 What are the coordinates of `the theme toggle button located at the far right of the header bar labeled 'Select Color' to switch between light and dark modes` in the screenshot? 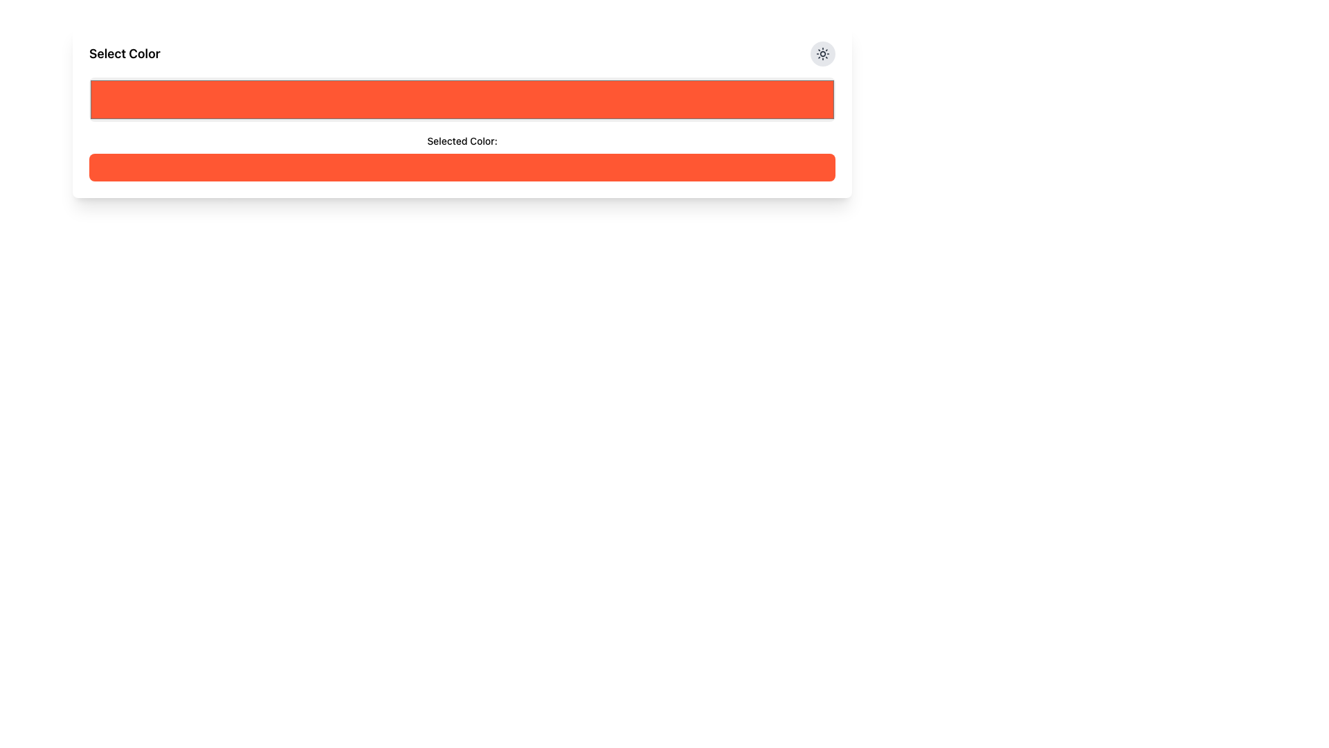 It's located at (823, 53).